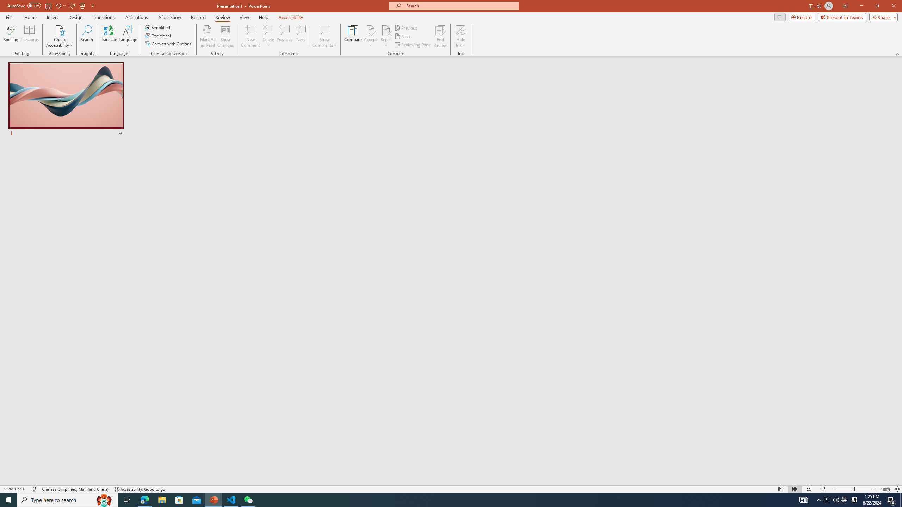  What do you see at coordinates (140, 489) in the screenshot?
I see `'Accessibility Checker Accessibility: Good to go'` at bounding box center [140, 489].